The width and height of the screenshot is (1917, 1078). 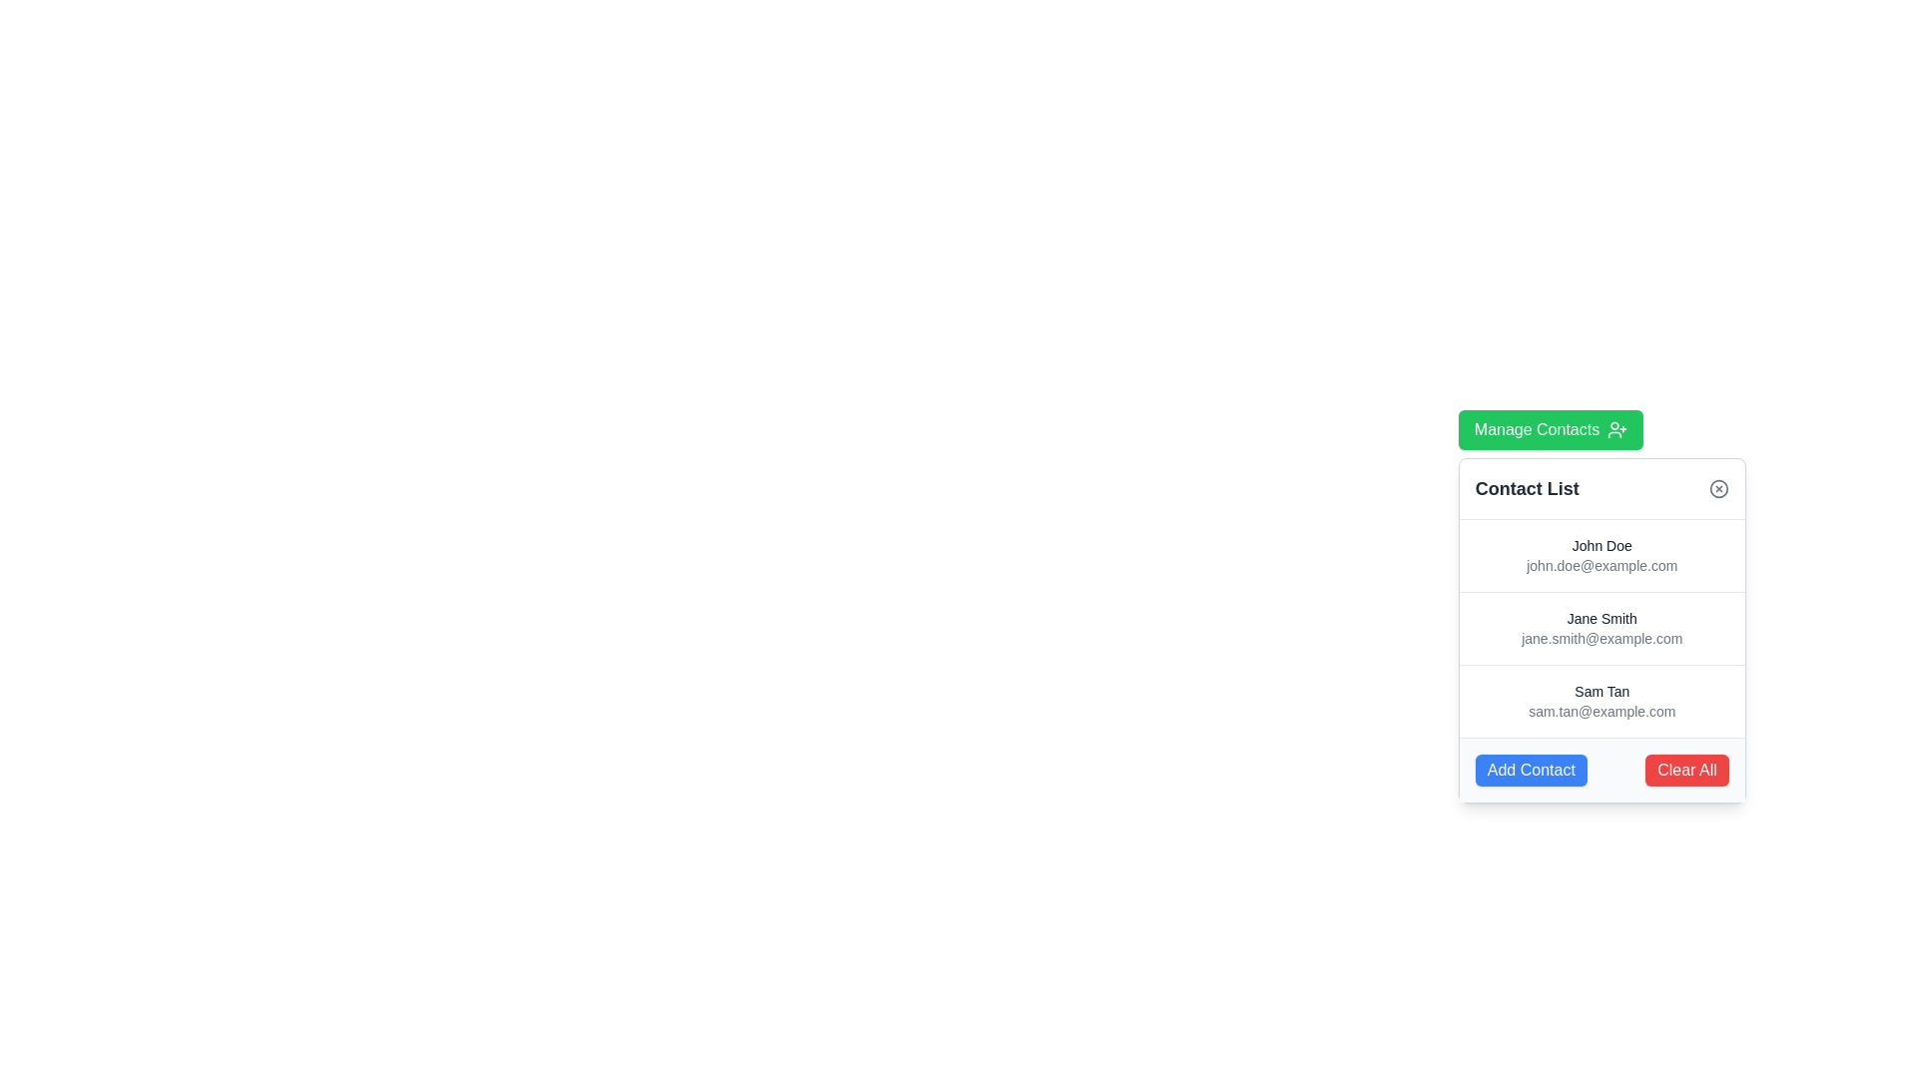 I want to click on displayed name 'Jane Smith' from the Text Label in the Contact List panel, which is prominently styled in bold black font on a white background, so click(x=1601, y=618).